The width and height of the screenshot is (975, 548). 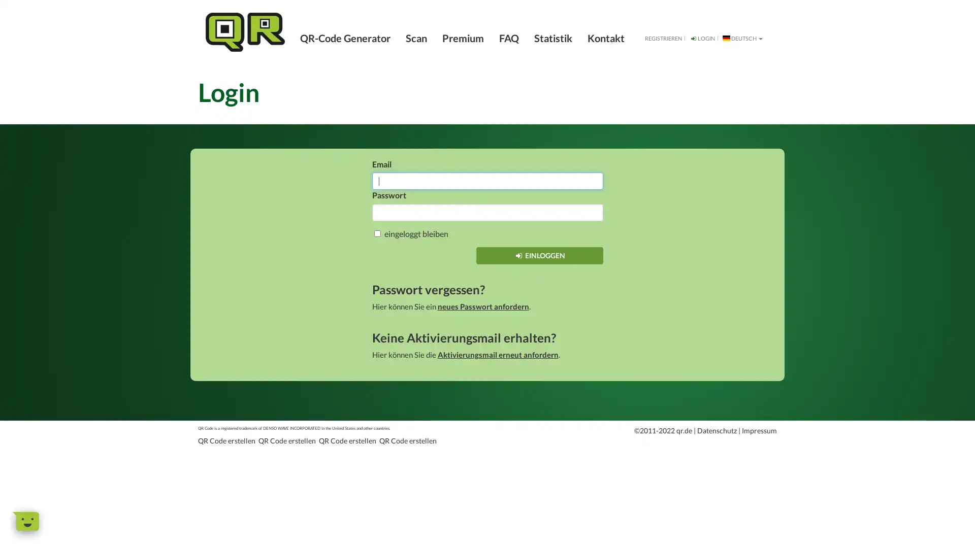 I want to click on Open, so click(x=26, y=521).